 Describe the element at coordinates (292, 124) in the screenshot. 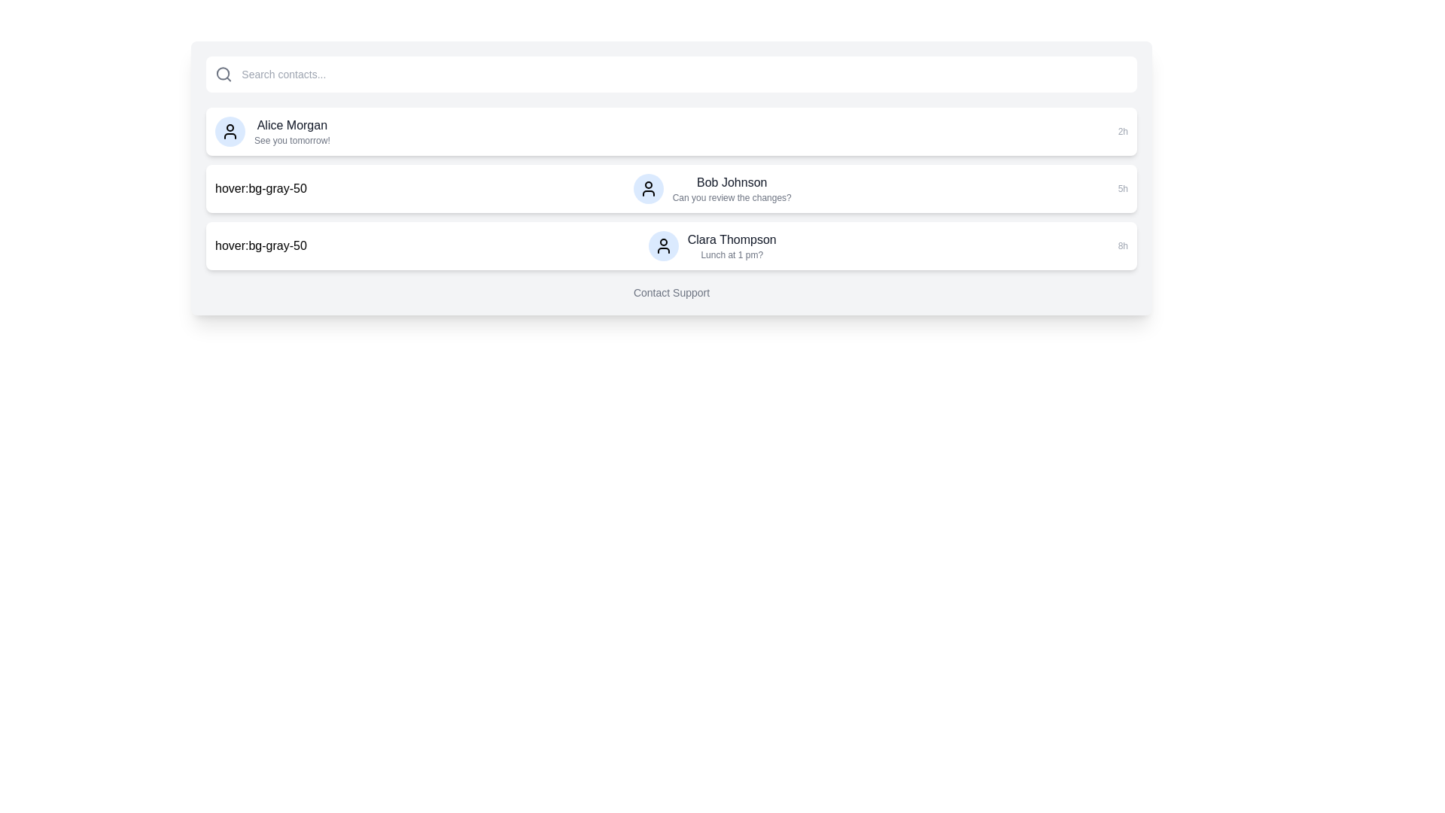

I see `the Text Label that displays the name of a contact, located in the top row of a vertically stacked list, to the right of an avatar icon` at that location.